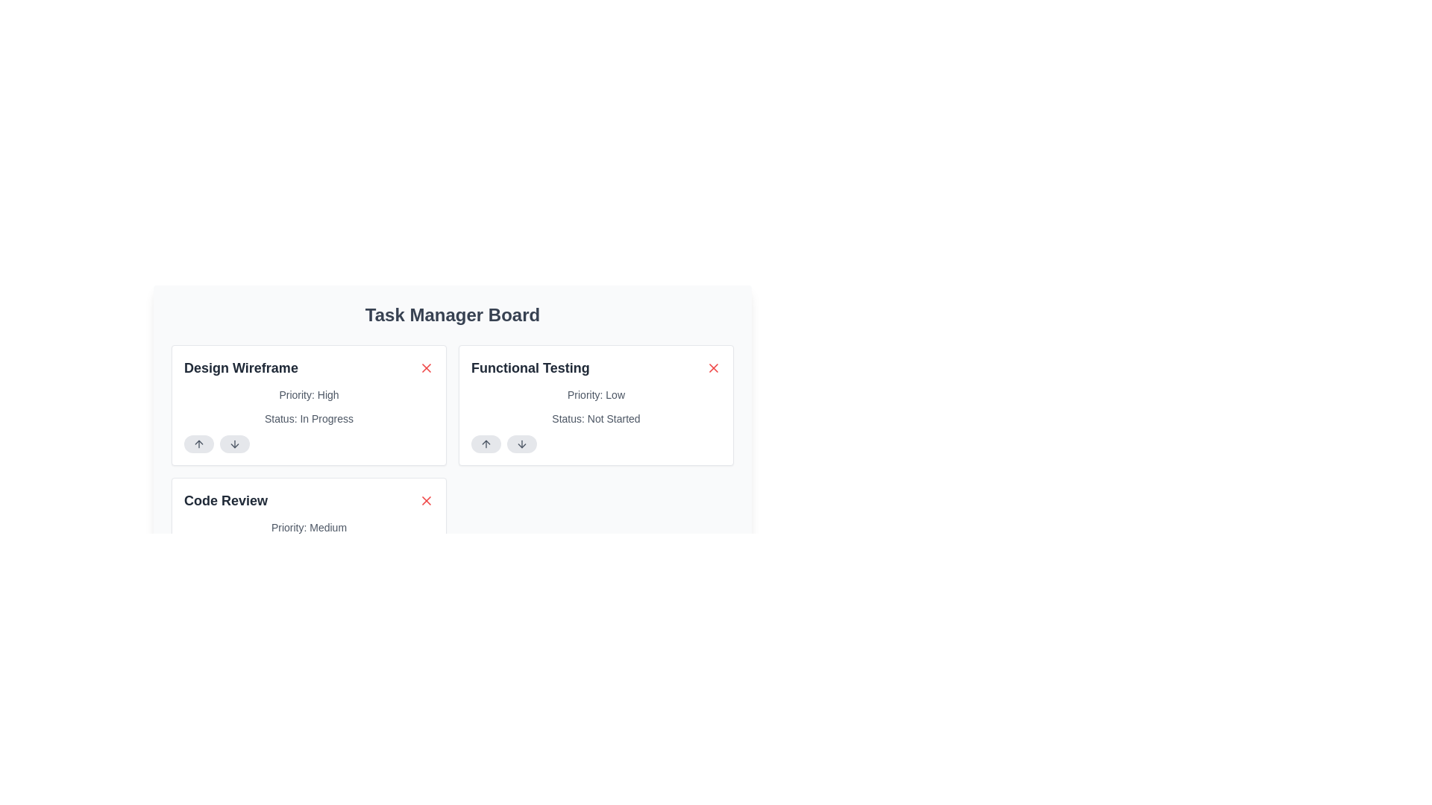  Describe the element at coordinates (224, 500) in the screenshot. I see `the static text label that serves as the title of a task card in the Task Manager Board section, located above the 'Priority: Medium' label` at that location.